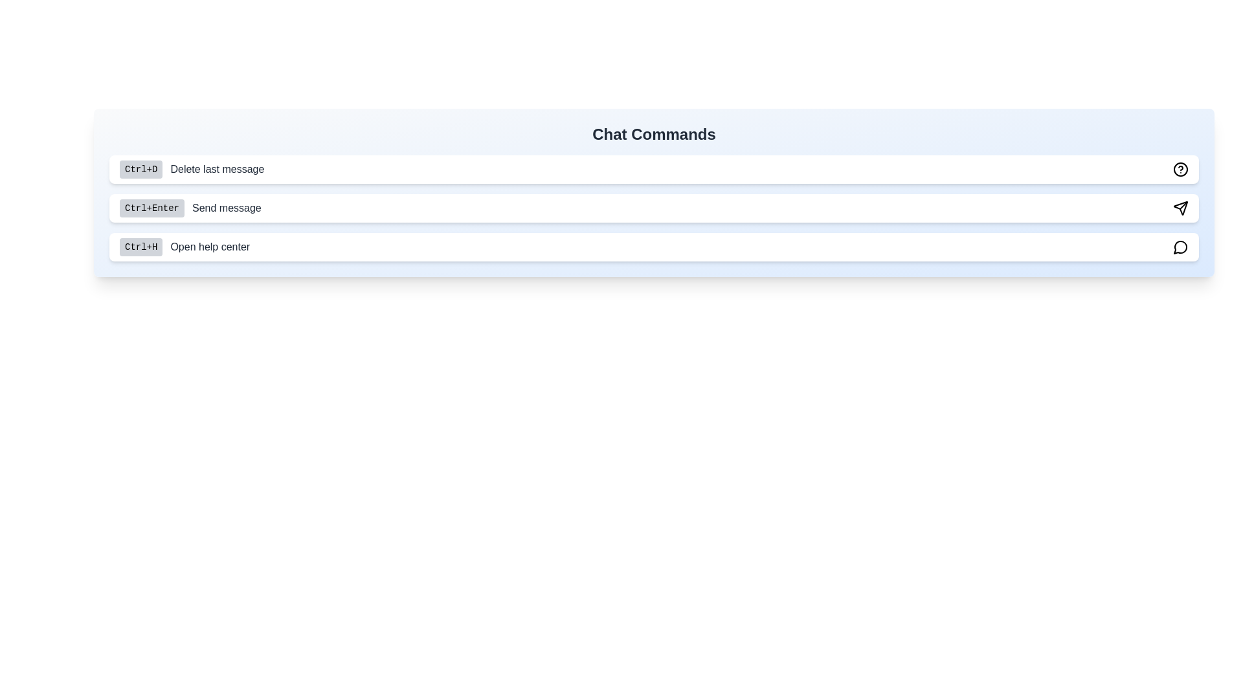 This screenshot has height=699, width=1243. What do you see at coordinates (1181, 247) in the screenshot?
I see `the minimalist speech bubble icon with a black outline located to the right of the 'Ctrl+H Open help center' button` at bounding box center [1181, 247].